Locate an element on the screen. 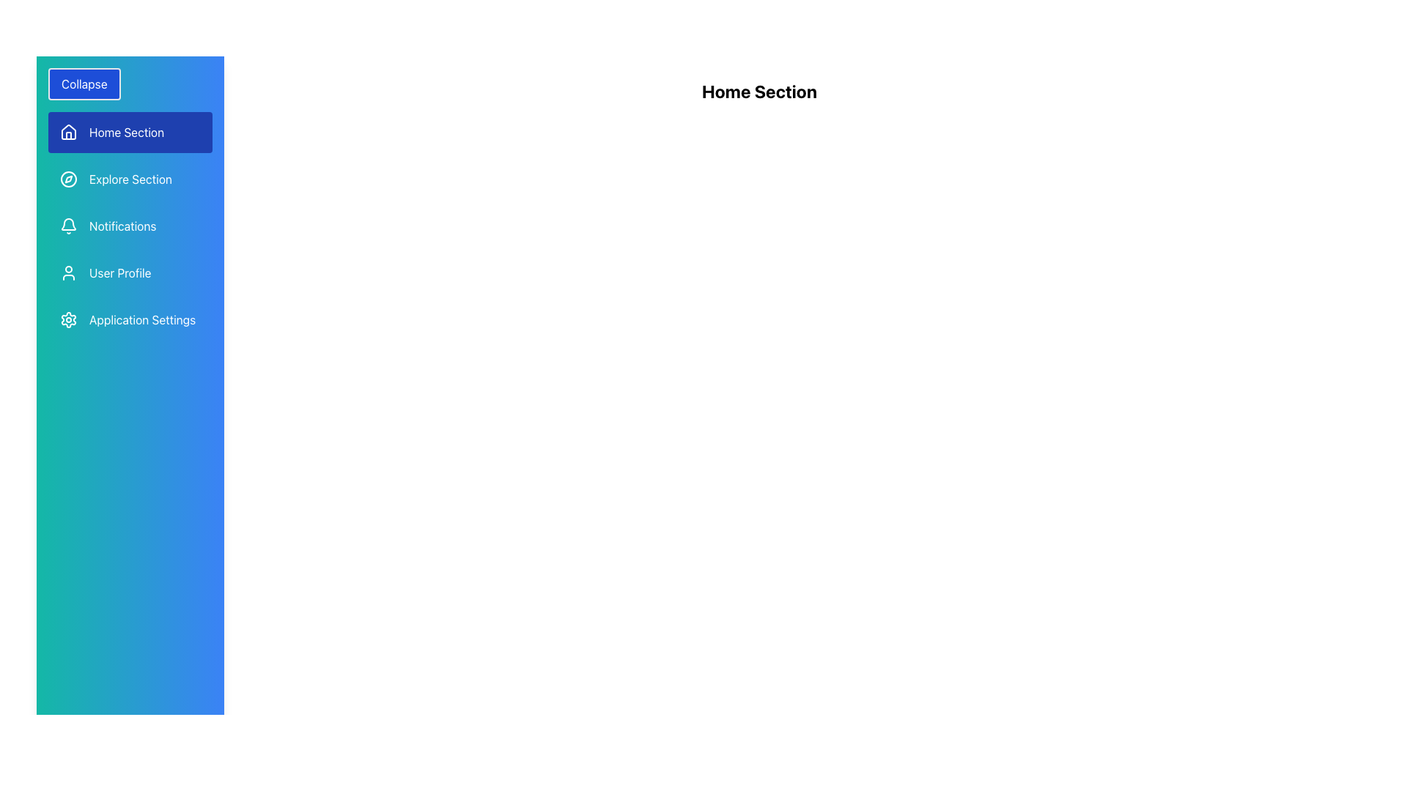  the 'Notifications' text in the vertical navigation sidebar is located at coordinates (122, 226).